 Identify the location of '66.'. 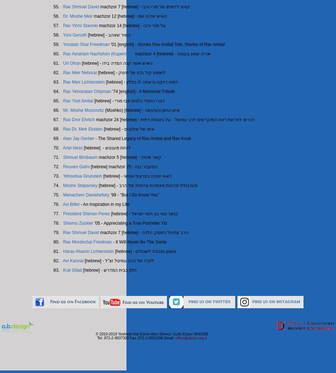
(53, 110).